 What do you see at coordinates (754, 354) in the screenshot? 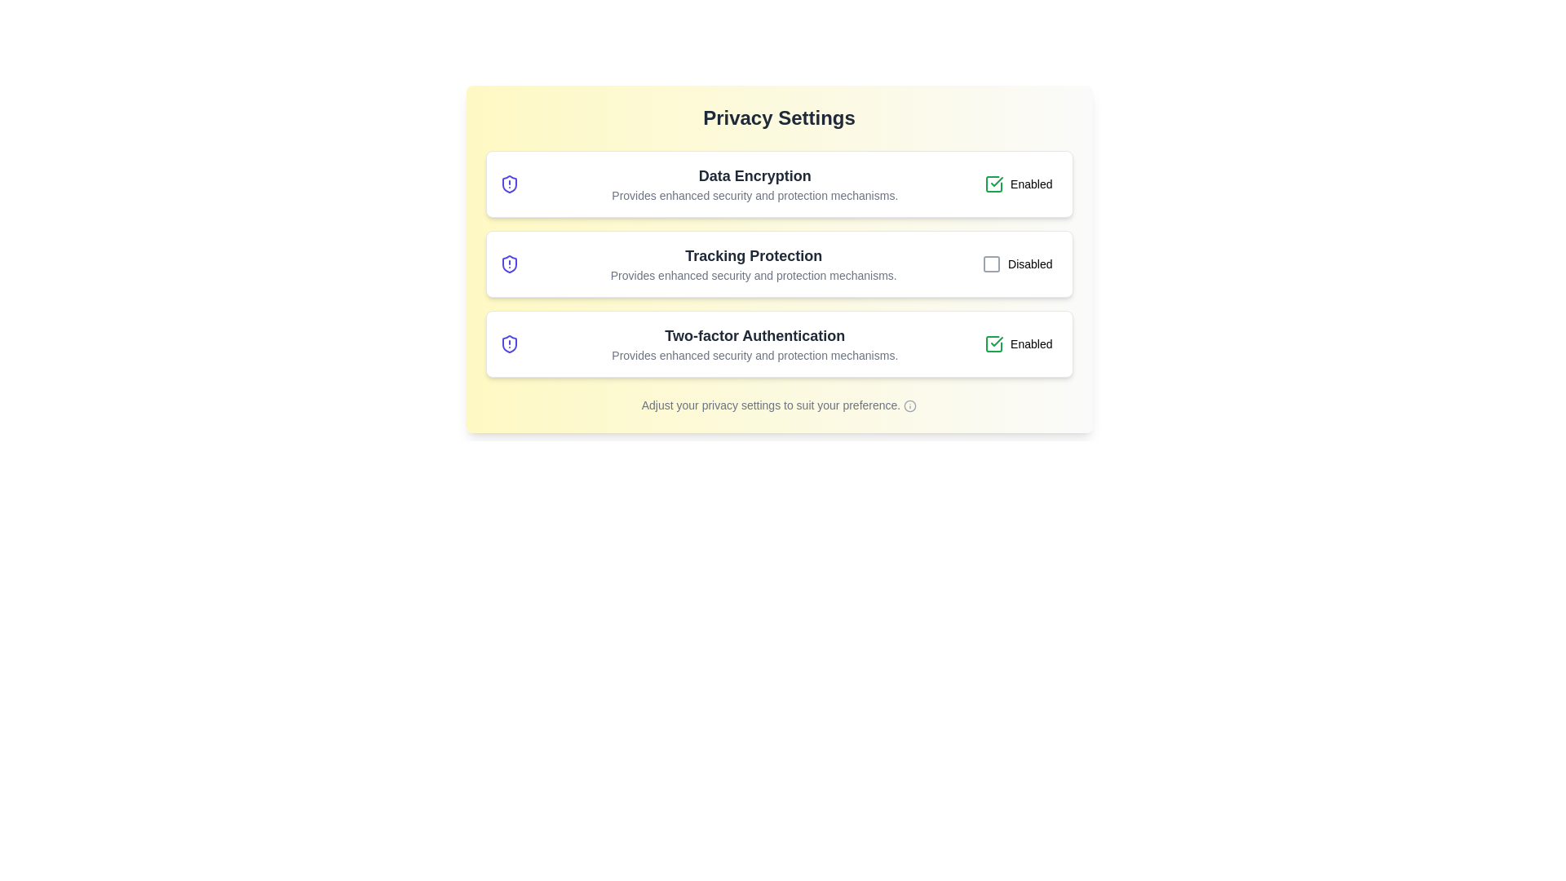
I see `the text label that reads 'Provides enhanced security and protection mechanisms.' located beneath the heading 'Two-factor Authentication' in the Privacy Settings section` at bounding box center [754, 354].